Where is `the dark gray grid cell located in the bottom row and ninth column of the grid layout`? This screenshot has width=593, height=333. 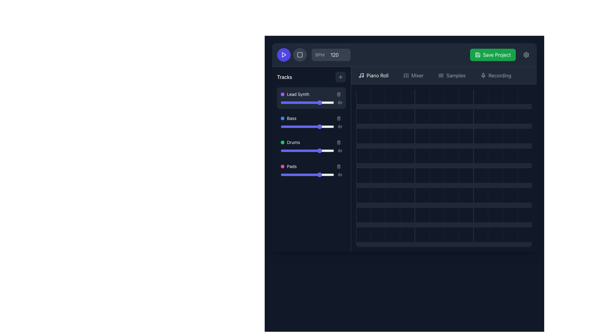
the dark gray grid cell located in the bottom row and ninth column of the grid layout is located at coordinates (480, 235).